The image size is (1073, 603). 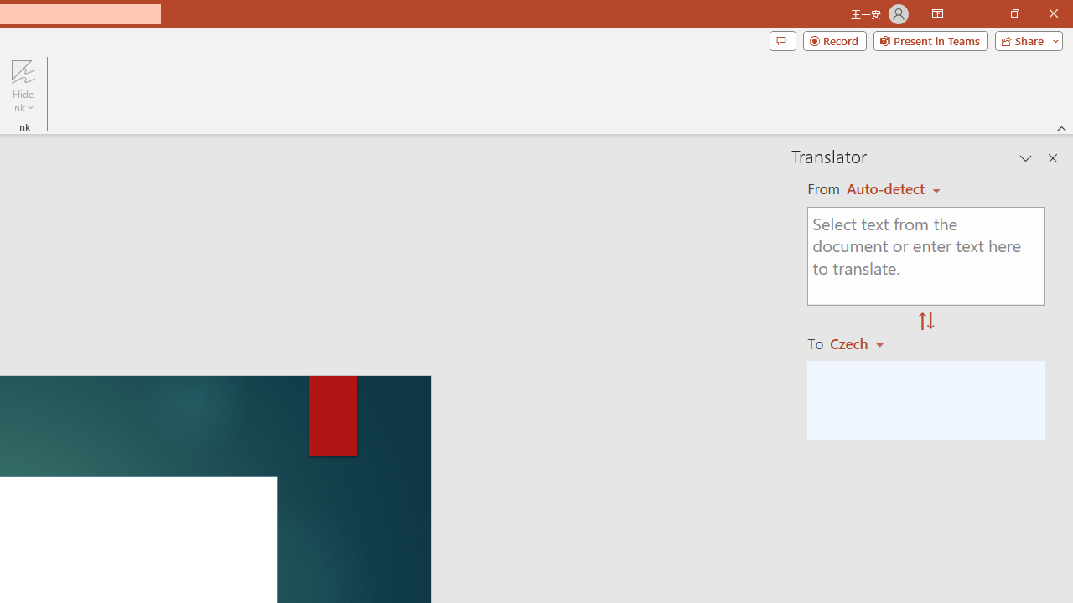 I want to click on 'Auto-detect', so click(x=893, y=188).